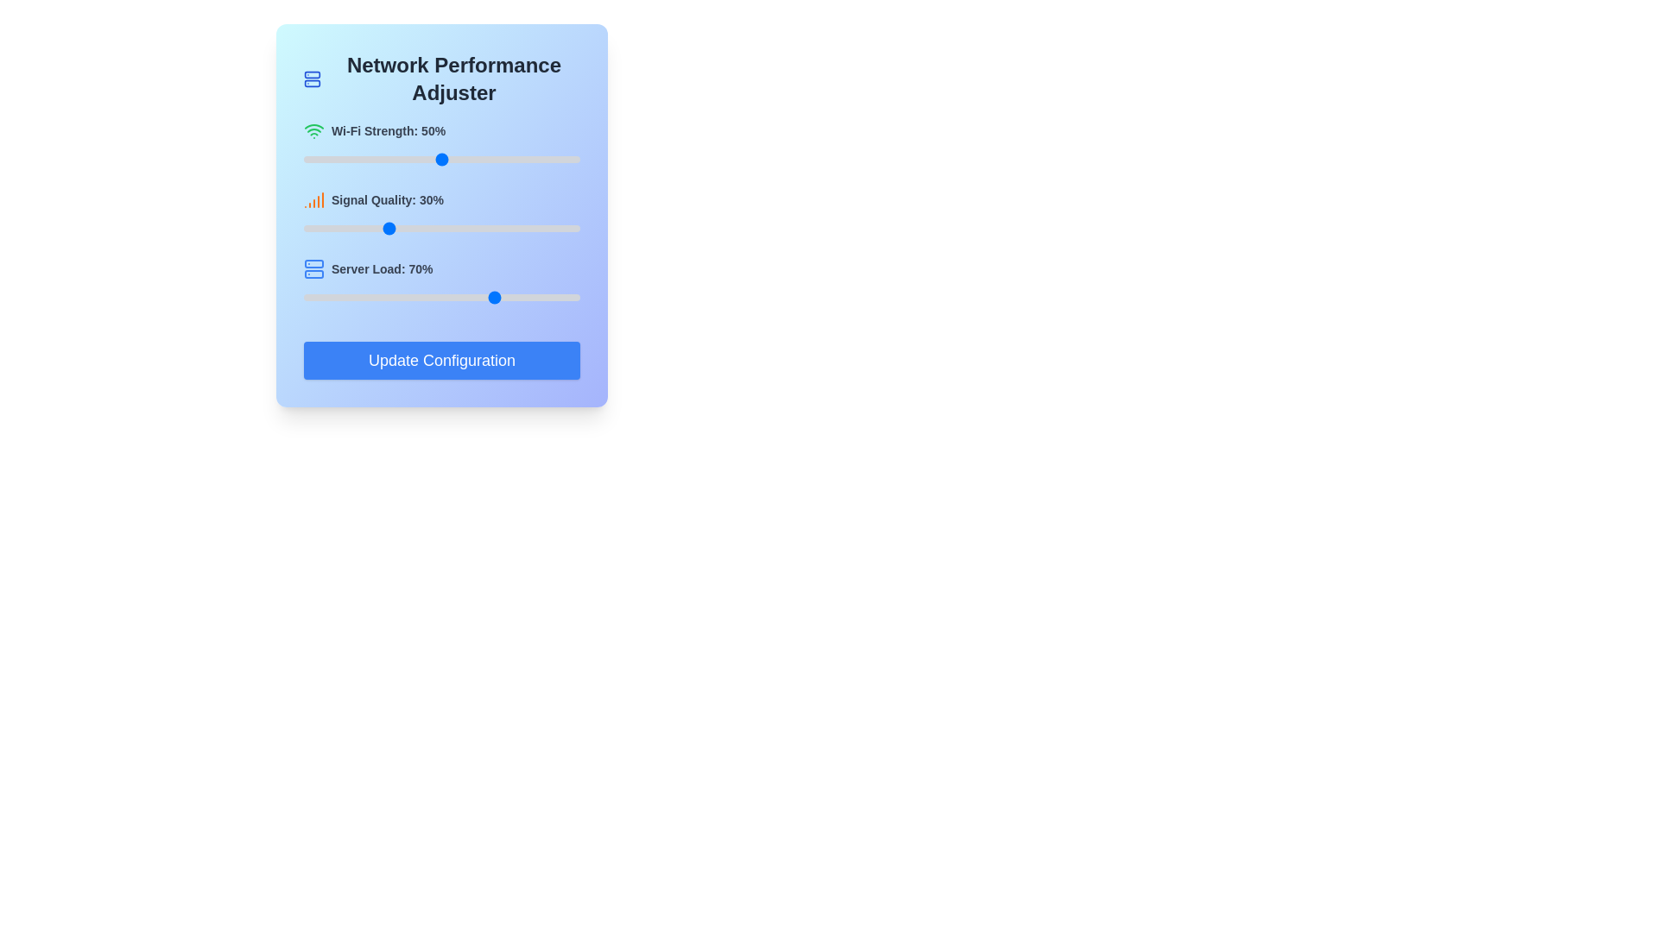 This screenshot has height=932, width=1658. I want to click on the top rectangle of the server icon, which is directly above the 'Wi-Fi Strength: 50%' slider and horizontally aligned with the heading 'Network Performance Adjuster', so click(312, 74).